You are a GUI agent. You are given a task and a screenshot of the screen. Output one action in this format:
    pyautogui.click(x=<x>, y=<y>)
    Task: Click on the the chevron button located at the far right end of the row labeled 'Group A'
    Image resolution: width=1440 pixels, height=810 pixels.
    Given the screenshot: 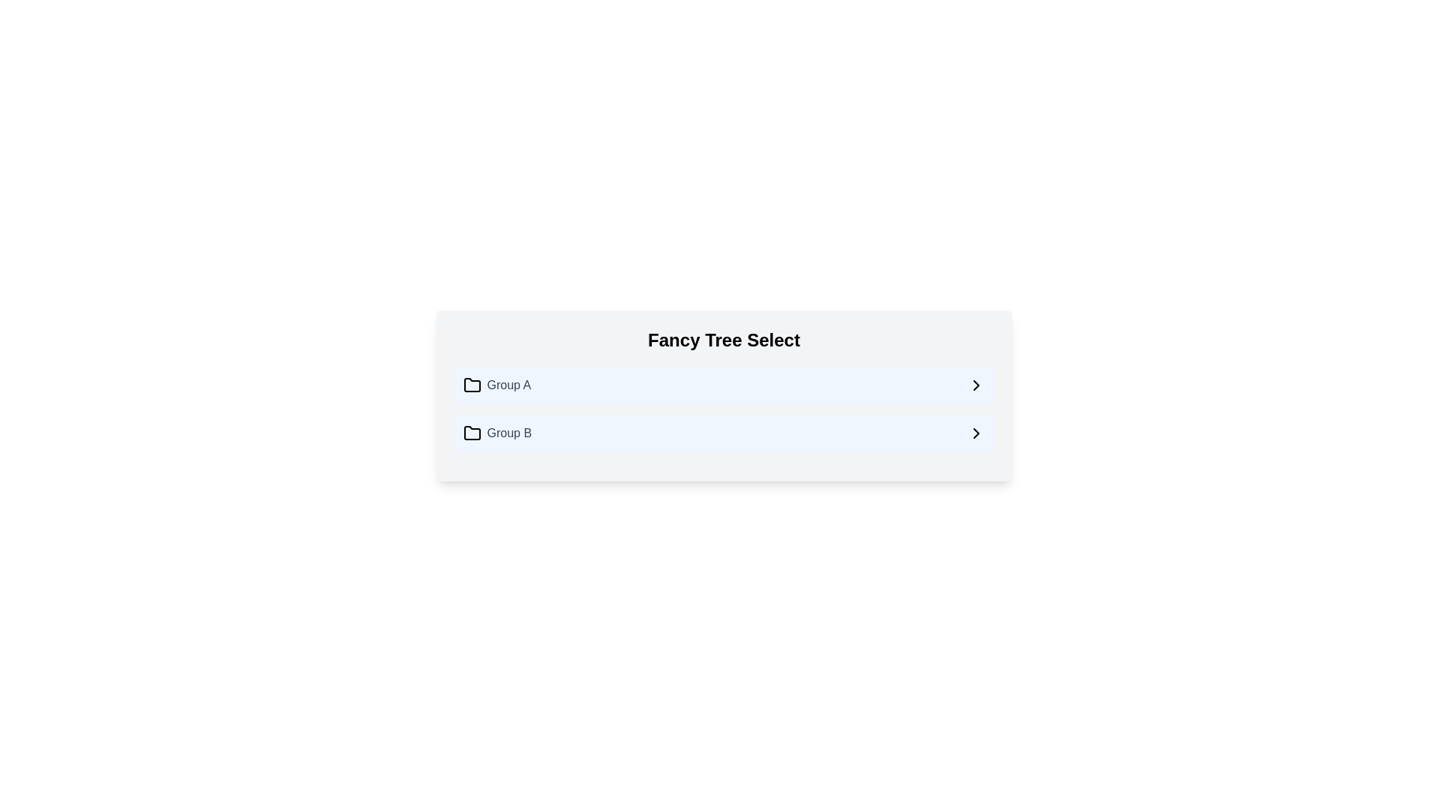 What is the action you would take?
    pyautogui.click(x=976, y=384)
    